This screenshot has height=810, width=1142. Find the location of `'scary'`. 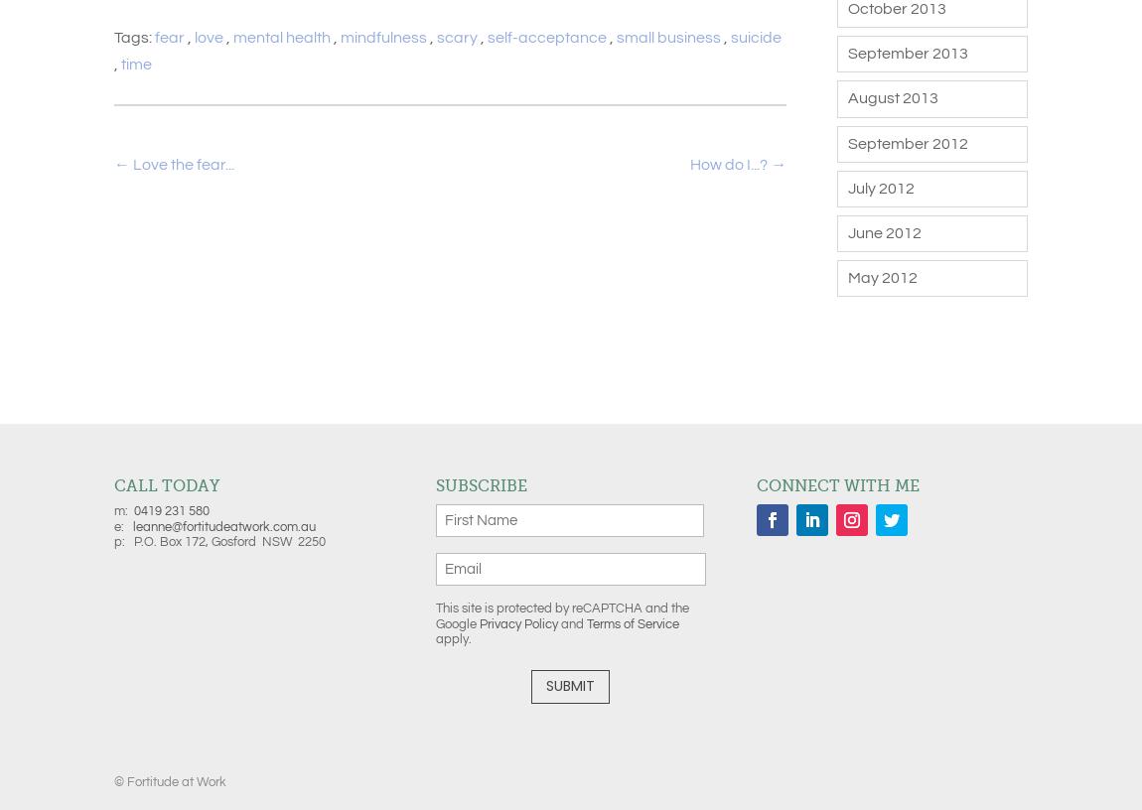

'scary' is located at coordinates (457, 37).